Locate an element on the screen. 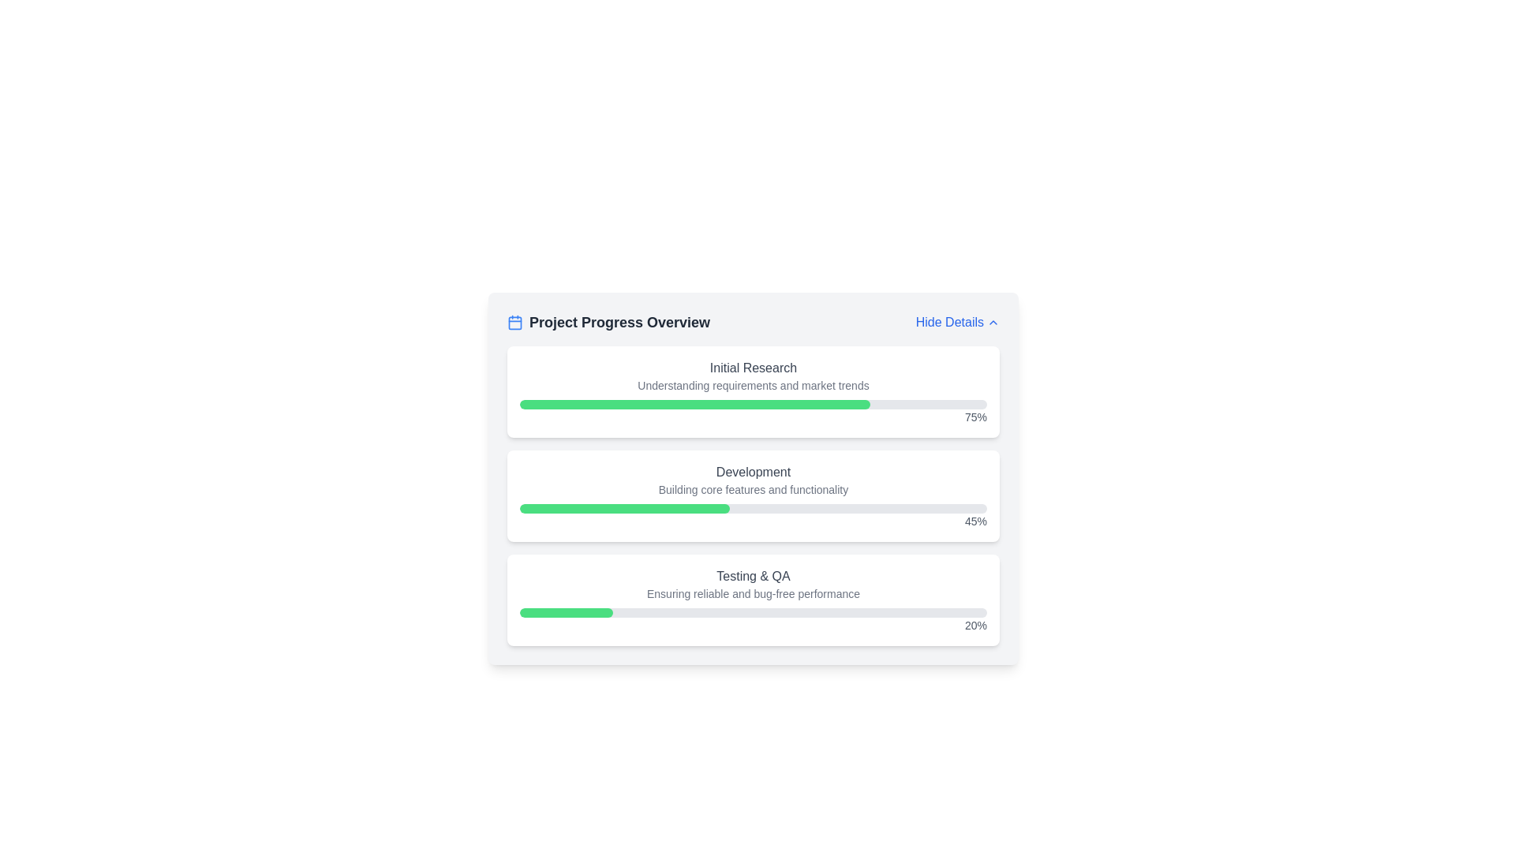 The image size is (1515, 852). text label displaying 'Building core features and functionality', which is centrally aligned below the 'Development' label is located at coordinates (753, 489).